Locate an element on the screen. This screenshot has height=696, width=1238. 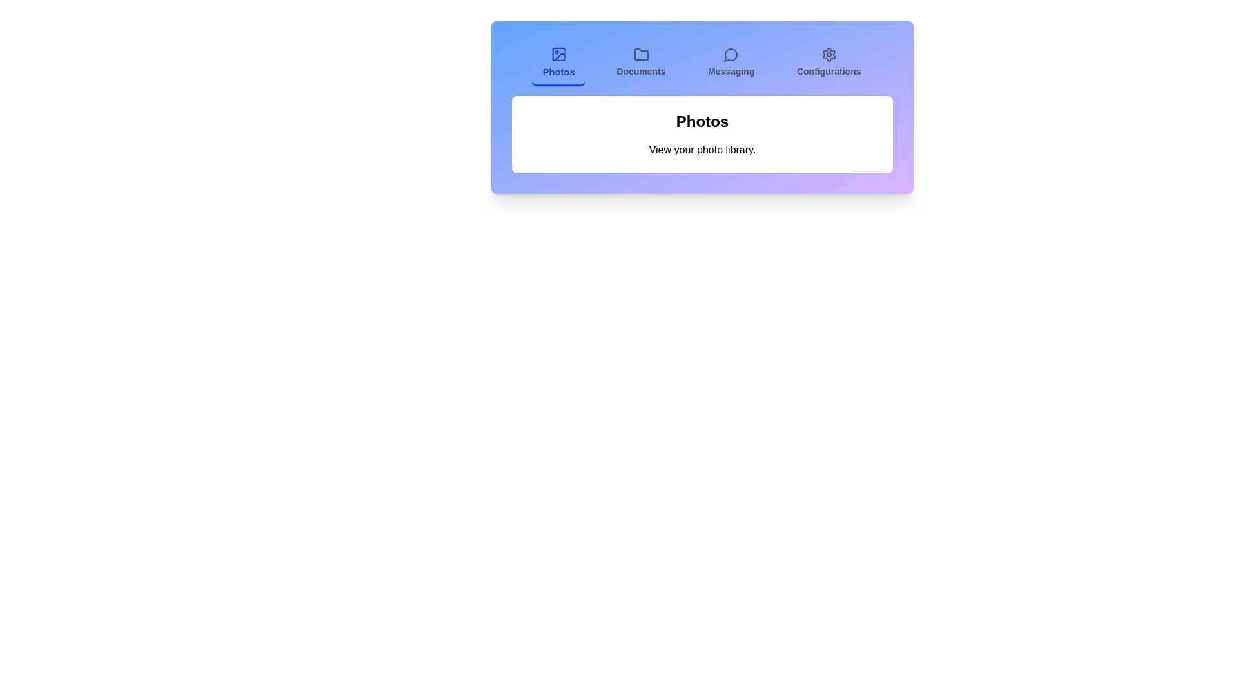
the descriptive text of the active tab is located at coordinates (702, 149).